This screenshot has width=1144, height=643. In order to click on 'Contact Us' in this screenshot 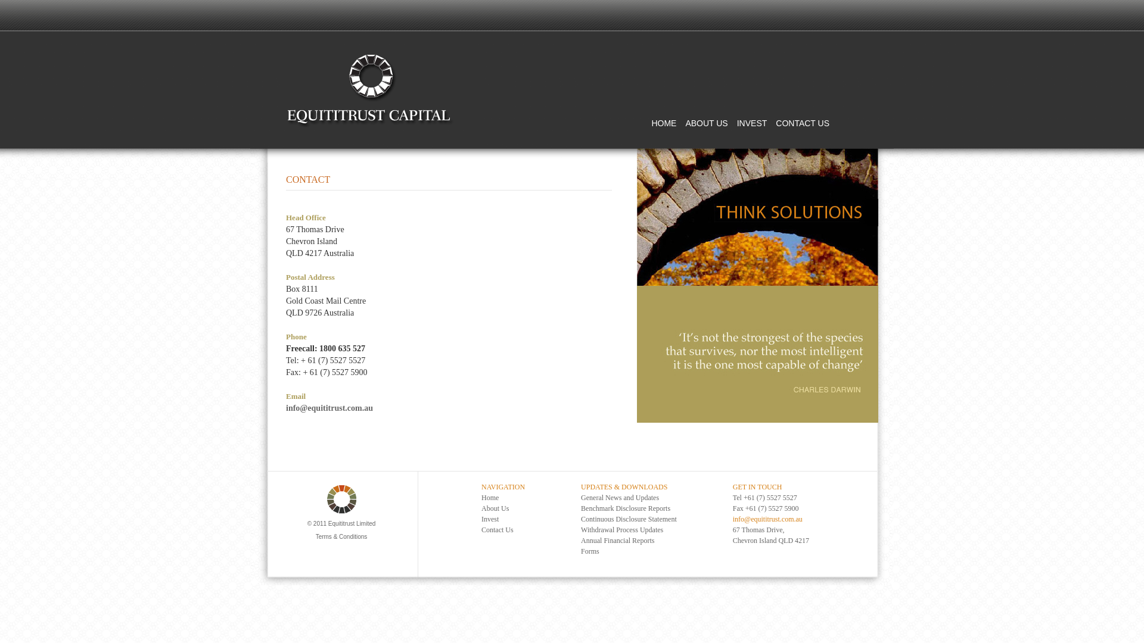, I will do `click(481, 529)`.